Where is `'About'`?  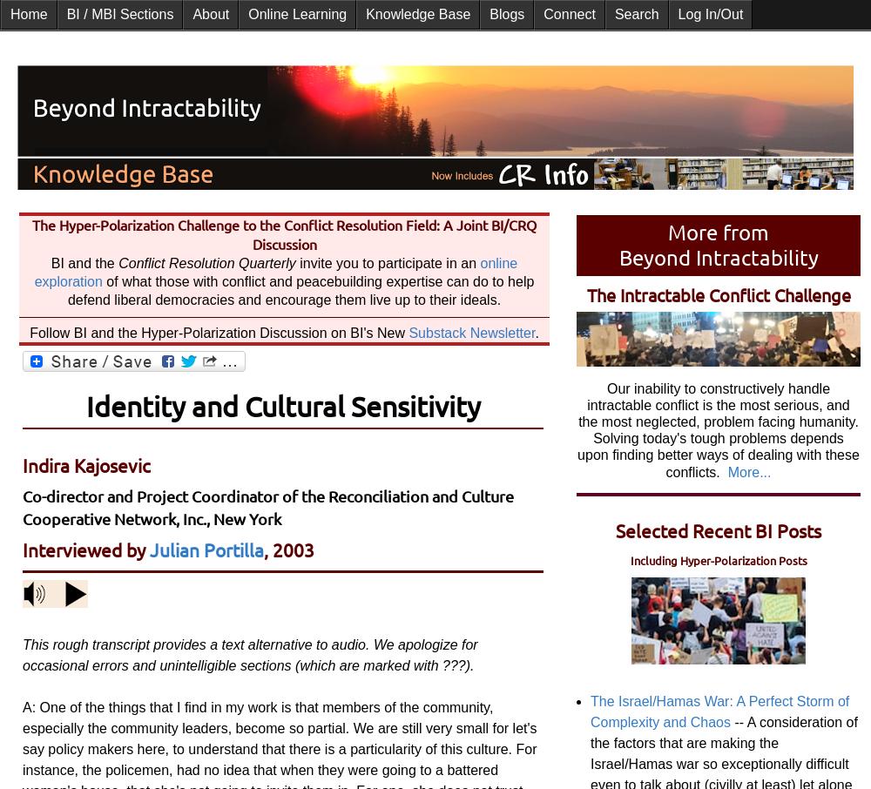
'About' is located at coordinates (210, 13).